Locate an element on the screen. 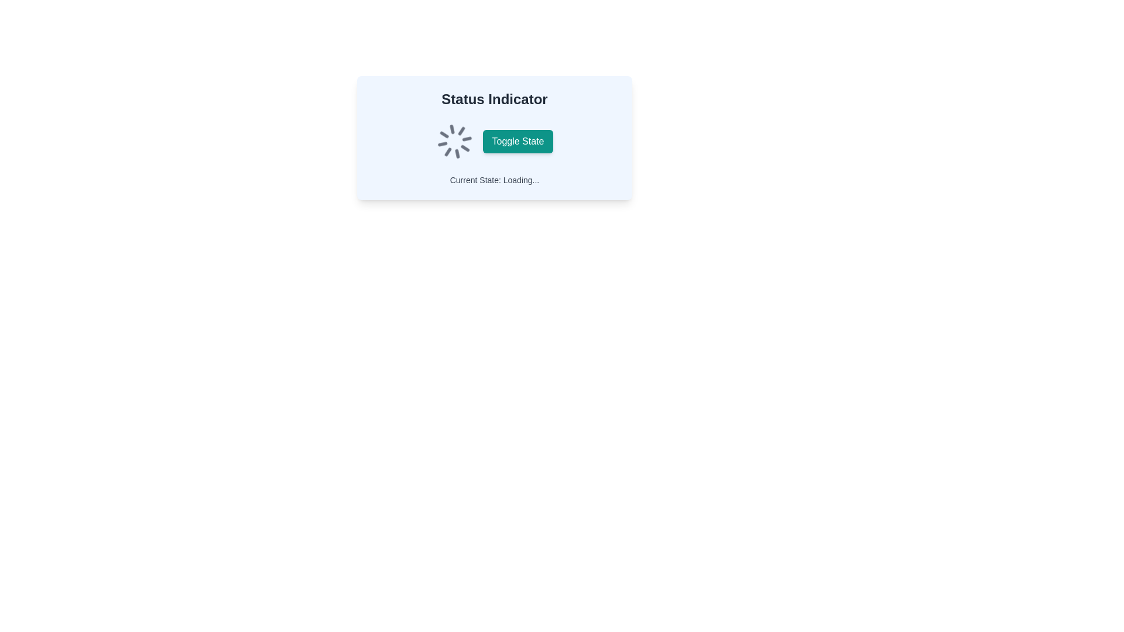  the animation of the topmost segment of the circular spinner, which is part of the loading indicator in the status display panel is located at coordinates (458, 153).